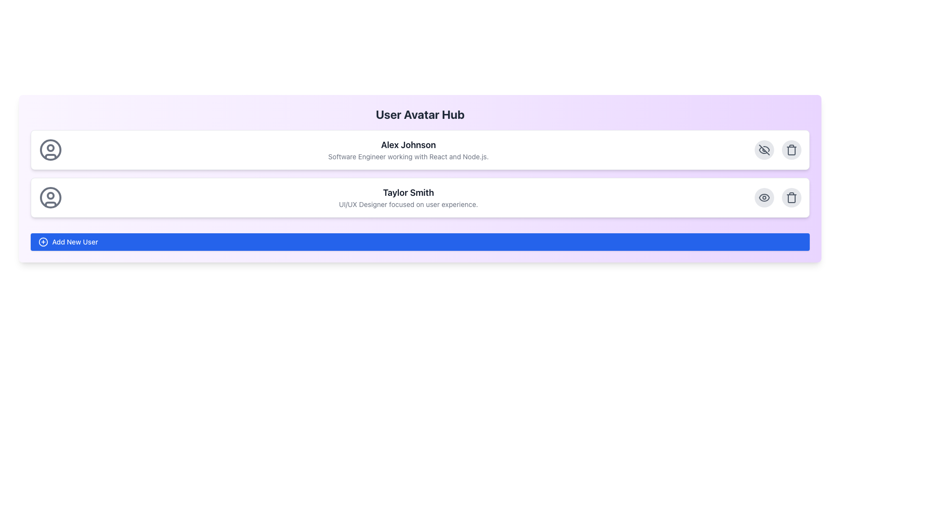 The height and width of the screenshot is (526, 936). What do you see at coordinates (50, 197) in the screenshot?
I see `the outermost circle of the SVG graphic representing the user avatar for Taylor Smith` at bounding box center [50, 197].